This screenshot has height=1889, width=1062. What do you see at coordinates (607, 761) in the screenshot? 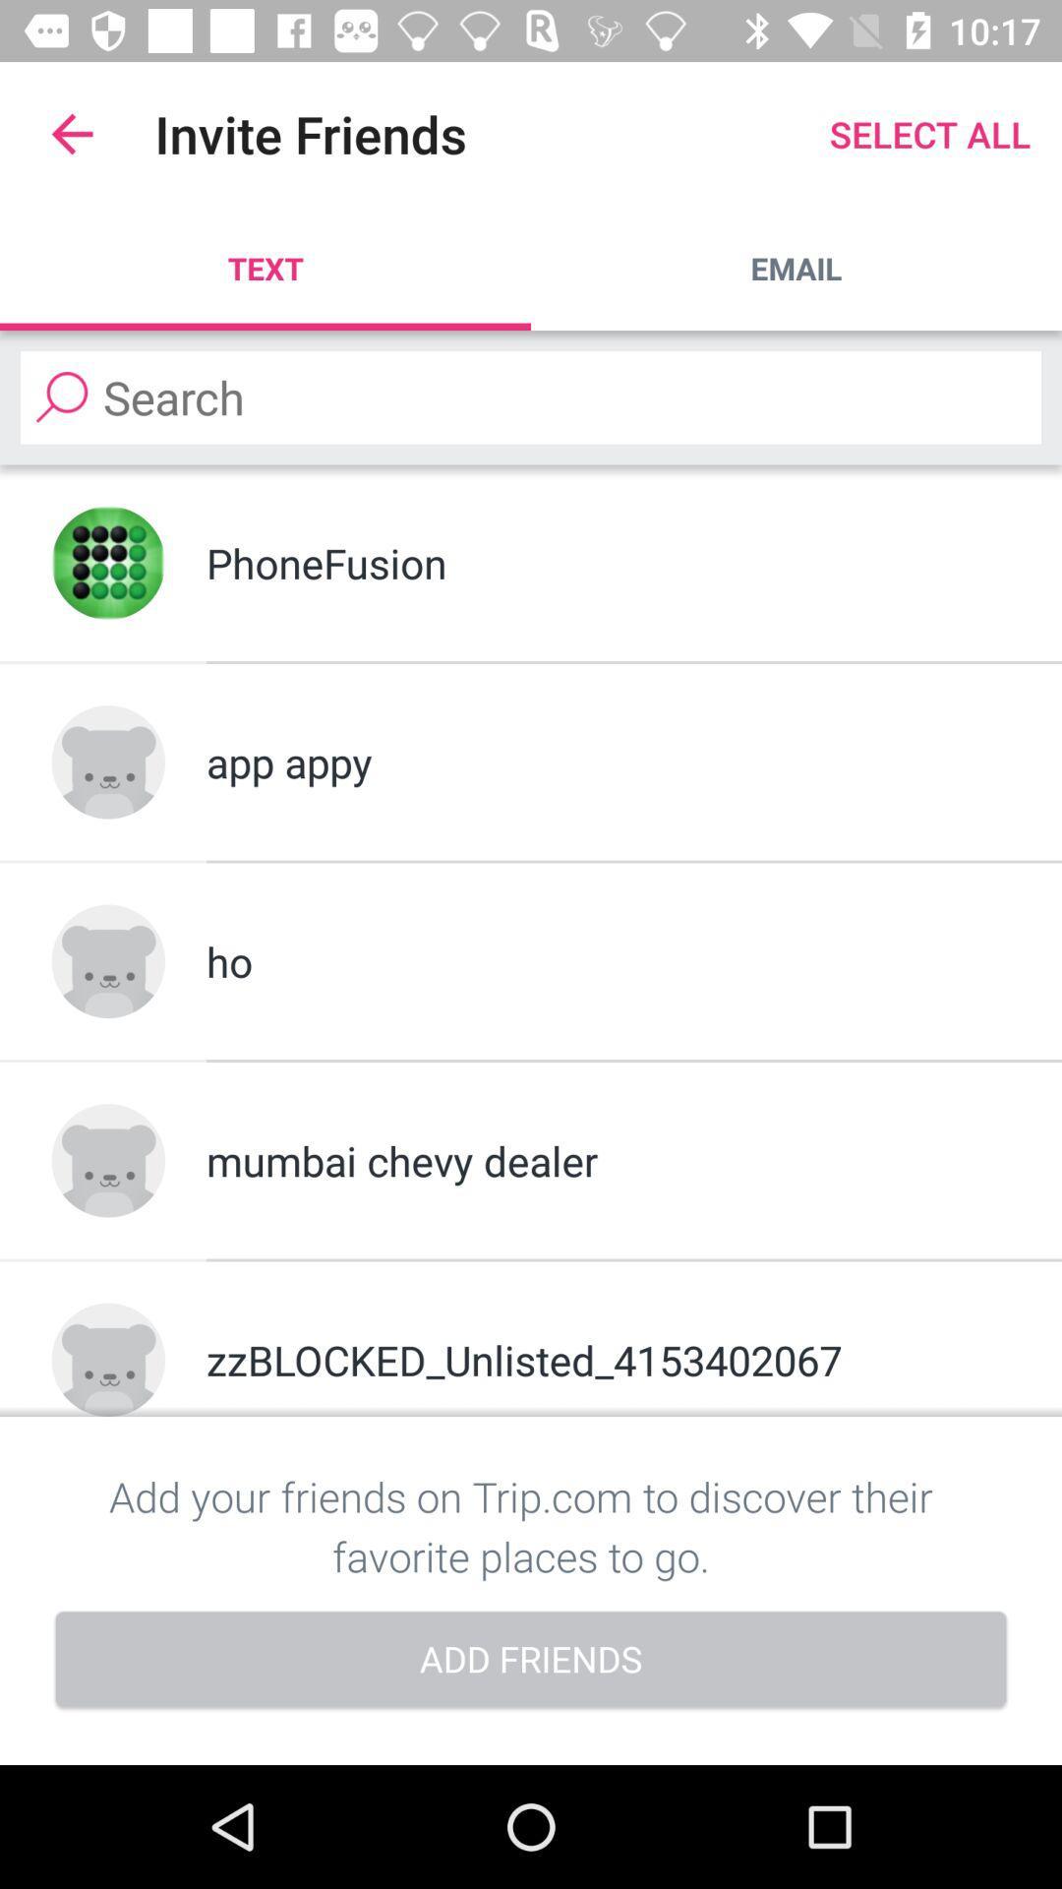
I see `the item above ho item` at bounding box center [607, 761].